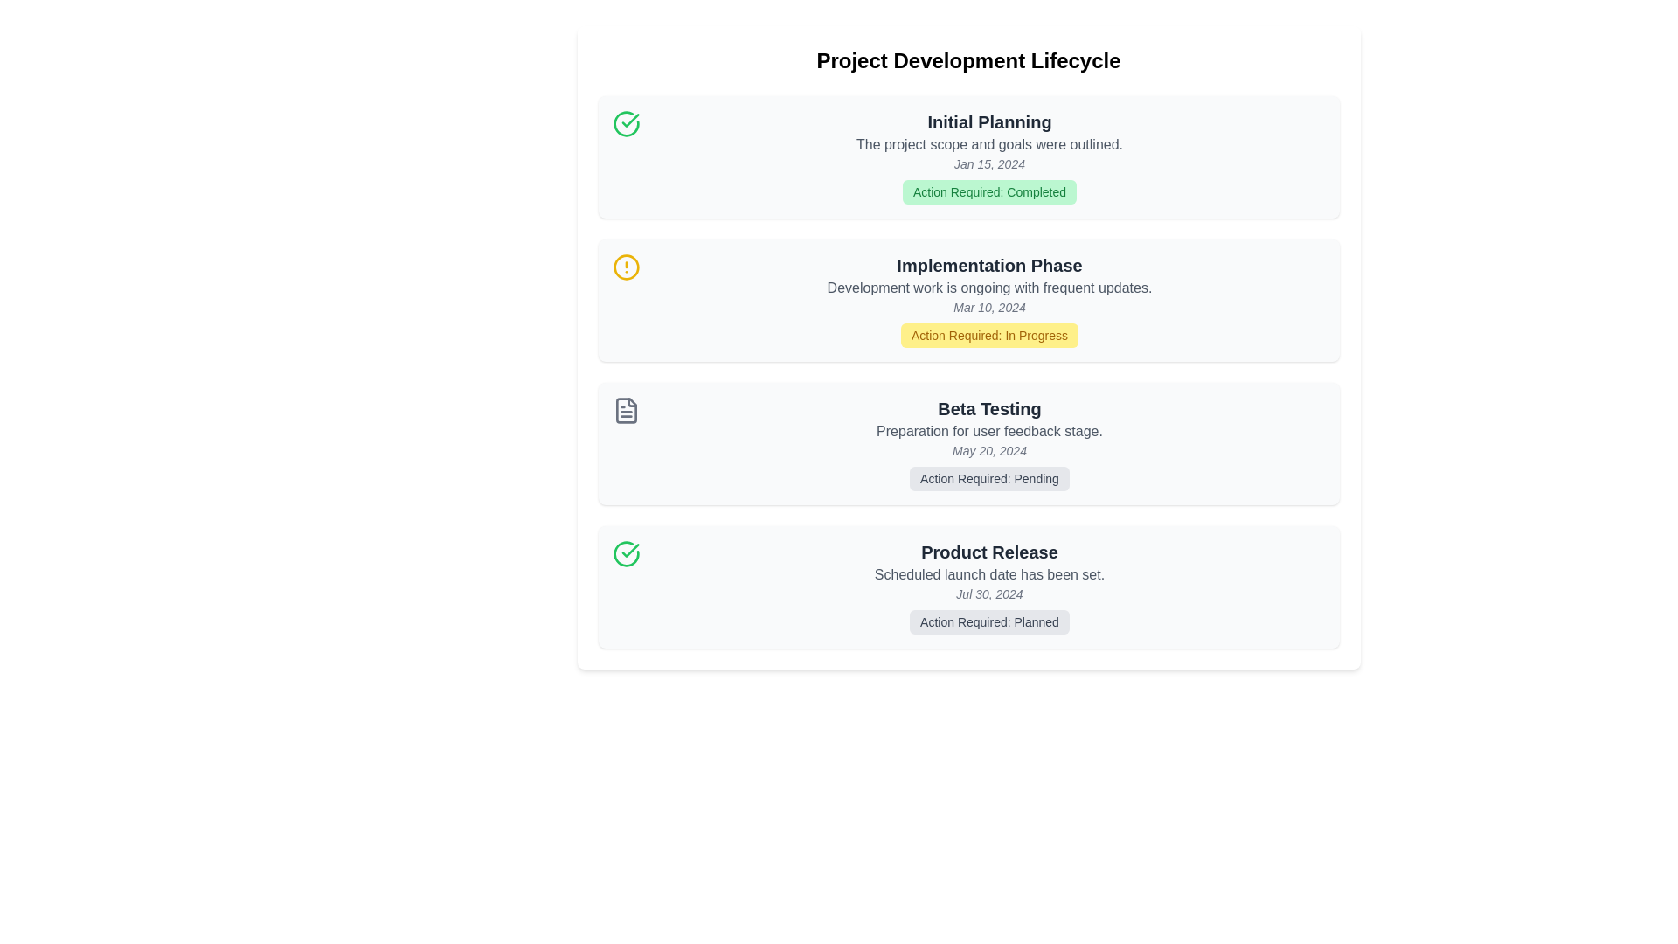 The image size is (1678, 944). Describe the element at coordinates (626, 267) in the screenshot. I see `the warning or in-progress indicator icon that is part of the project lifecycle flow sequence` at that location.